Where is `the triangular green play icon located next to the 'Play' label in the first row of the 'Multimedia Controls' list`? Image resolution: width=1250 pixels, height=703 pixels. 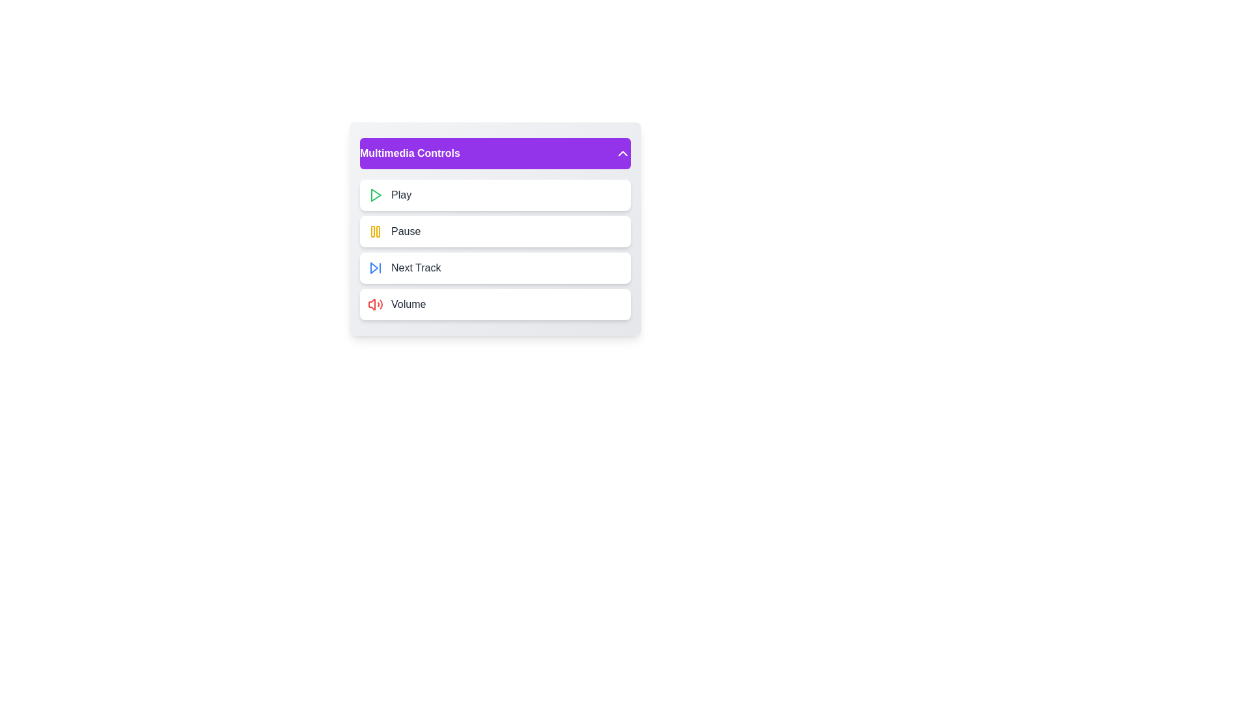
the triangular green play icon located next to the 'Play' label in the first row of the 'Multimedia Controls' list is located at coordinates (375, 195).